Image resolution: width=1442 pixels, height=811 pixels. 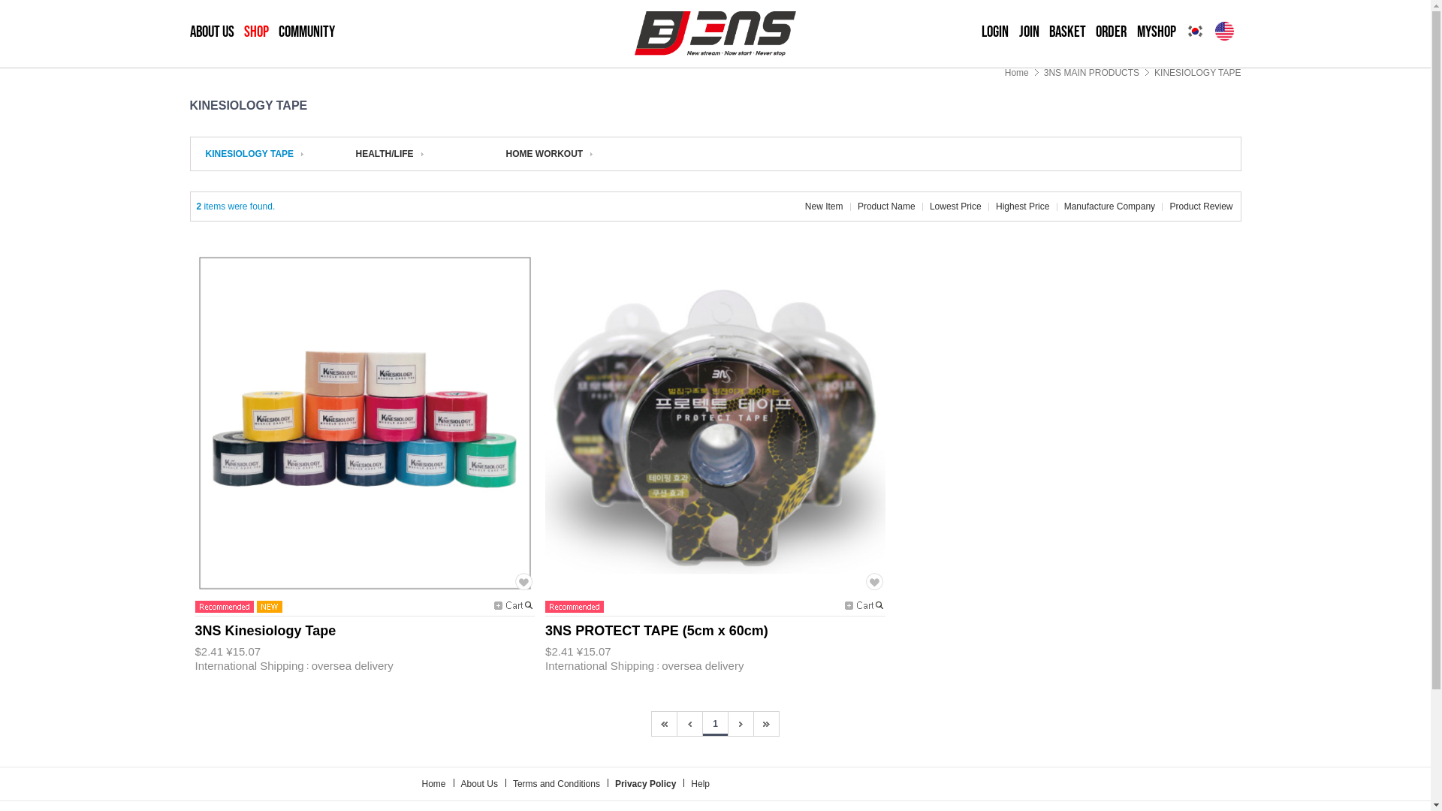 What do you see at coordinates (1028, 32) in the screenshot?
I see `'Join'` at bounding box center [1028, 32].